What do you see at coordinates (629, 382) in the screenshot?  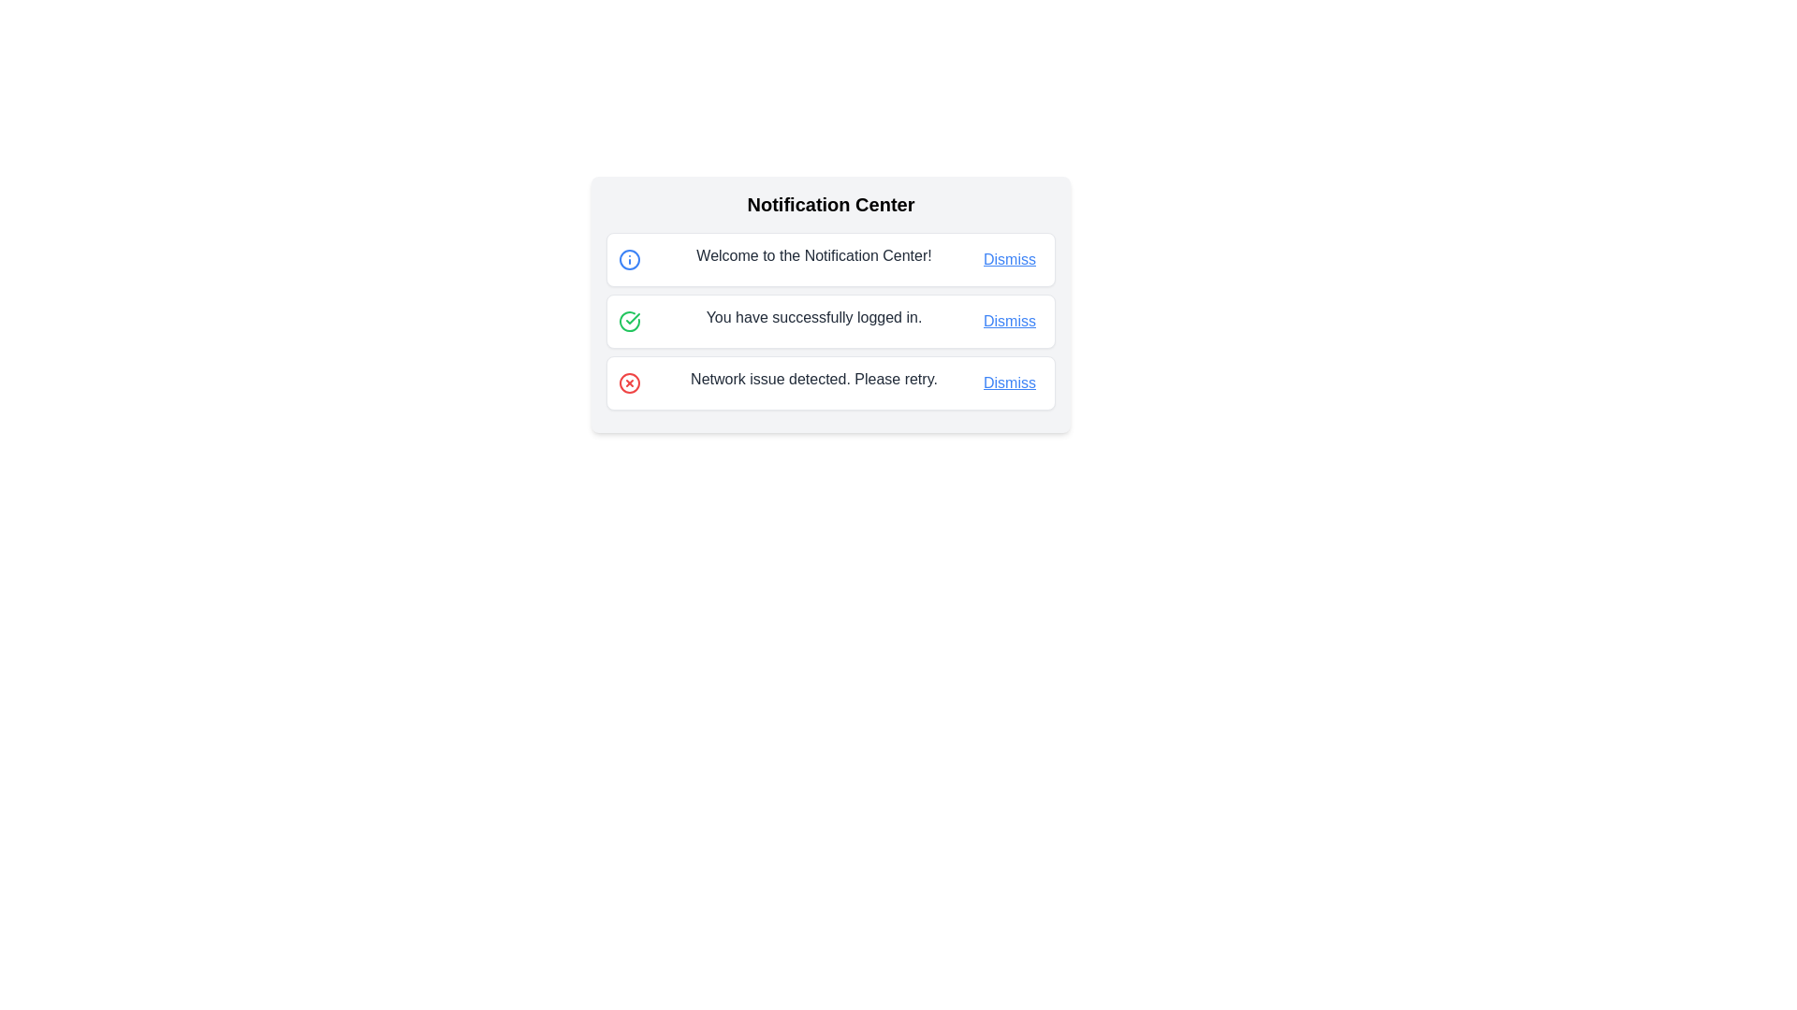 I see `the error icon located at the beginning of the third notification row in the notification center, which indicates a network issue and precedes the text 'Network issue detected. Please retry.'` at bounding box center [629, 382].